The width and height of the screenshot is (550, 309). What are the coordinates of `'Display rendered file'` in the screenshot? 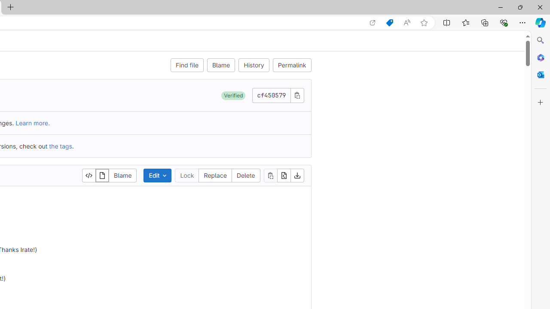 It's located at (102, 175).